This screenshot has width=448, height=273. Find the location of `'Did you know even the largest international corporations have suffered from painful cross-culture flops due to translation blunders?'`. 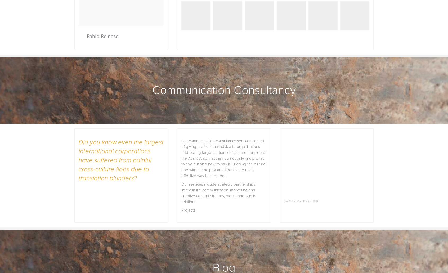

'Did you know even the largest international corporations have suffered from painful cross-culture flops due to translation blunders?' is located at coordinates (121, 160).